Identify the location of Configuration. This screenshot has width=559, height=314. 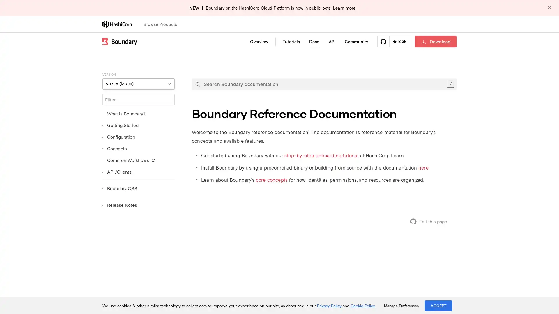
(118, 137).